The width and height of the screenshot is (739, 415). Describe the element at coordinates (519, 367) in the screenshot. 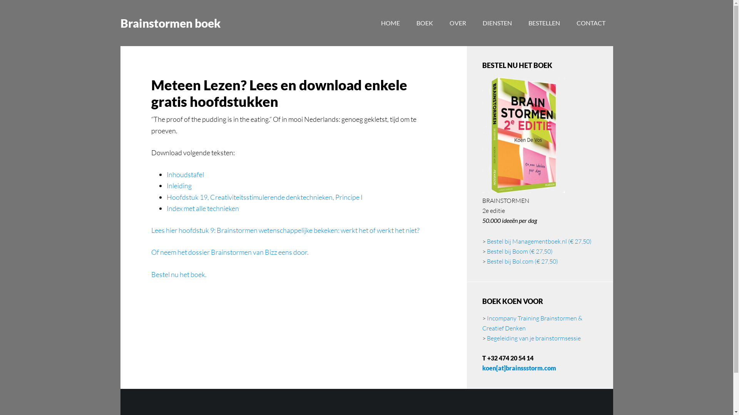

I see `'koen[at]brainssstorm.com'` at that location.